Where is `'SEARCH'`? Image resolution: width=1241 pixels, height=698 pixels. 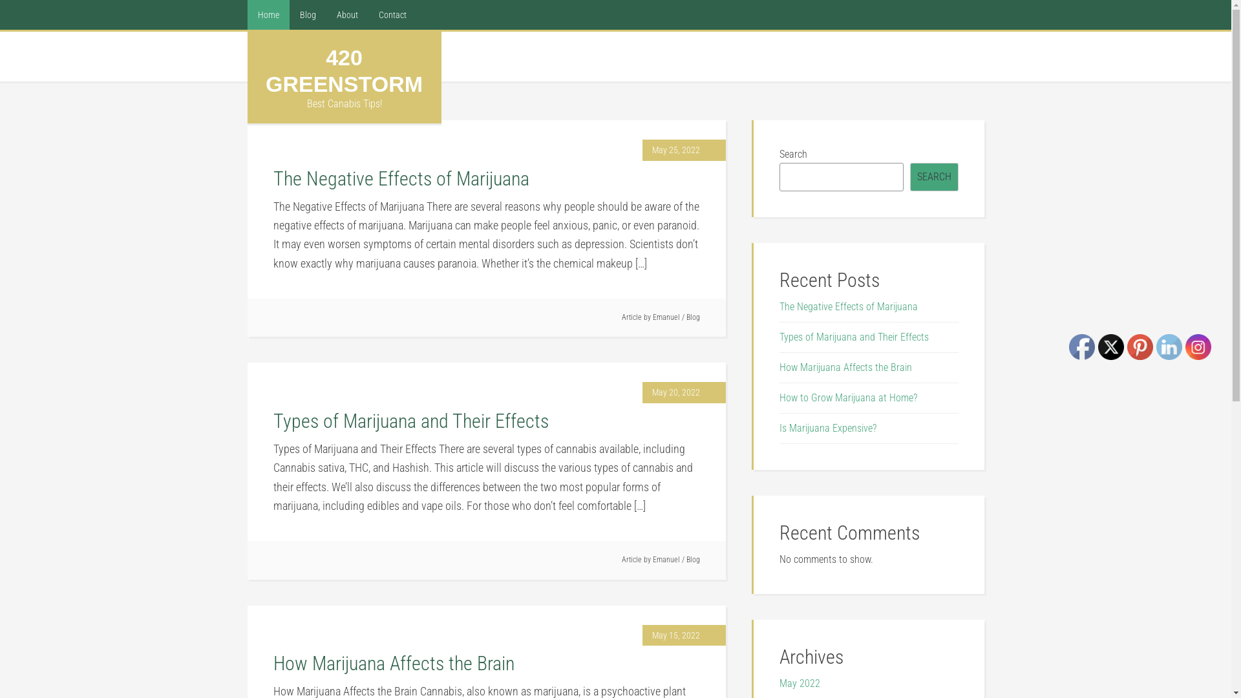
'SEARCH' is located at coordinates (934, 176).